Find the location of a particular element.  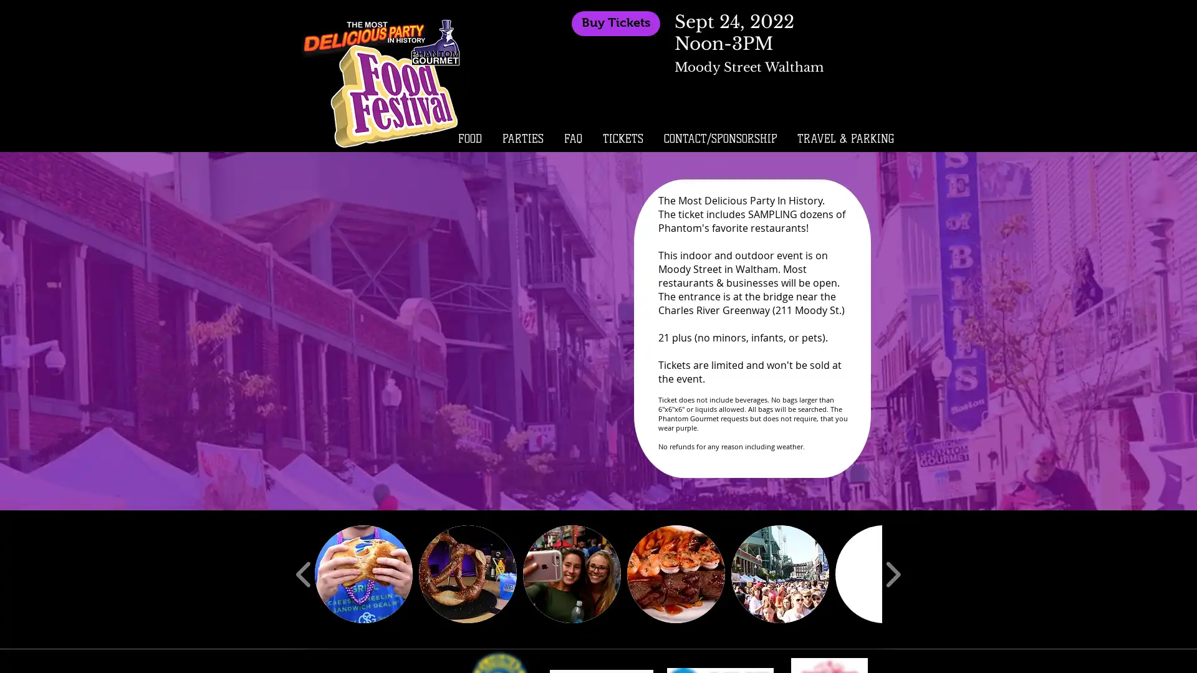

play forward is located at coordinates (892, 574).